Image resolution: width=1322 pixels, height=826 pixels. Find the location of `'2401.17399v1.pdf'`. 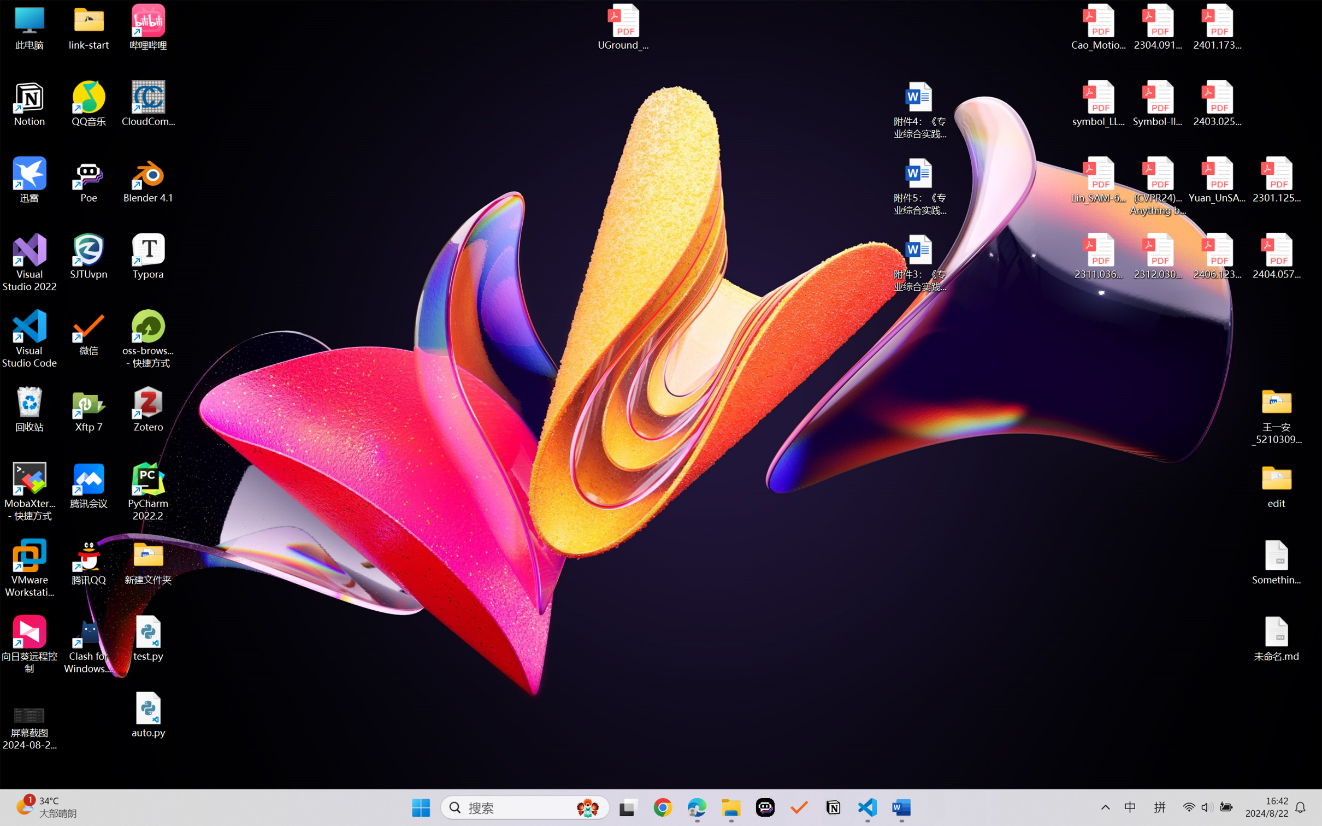

'2401.17399v1.pdf' is located at coordinates (1216, 27).